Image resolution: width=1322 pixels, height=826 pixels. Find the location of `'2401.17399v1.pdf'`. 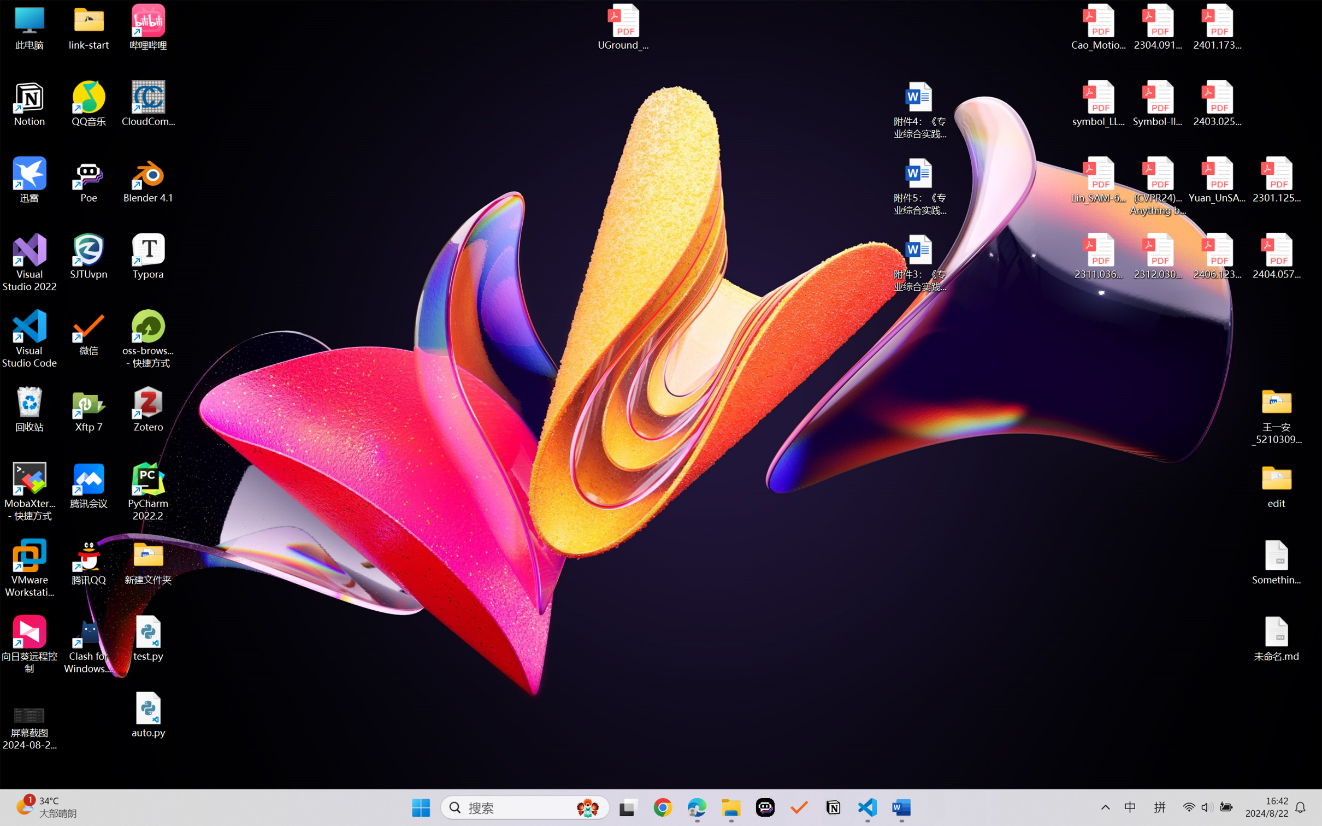

'2401.17399v1.pdf' is located at coordinates (1216, 27).